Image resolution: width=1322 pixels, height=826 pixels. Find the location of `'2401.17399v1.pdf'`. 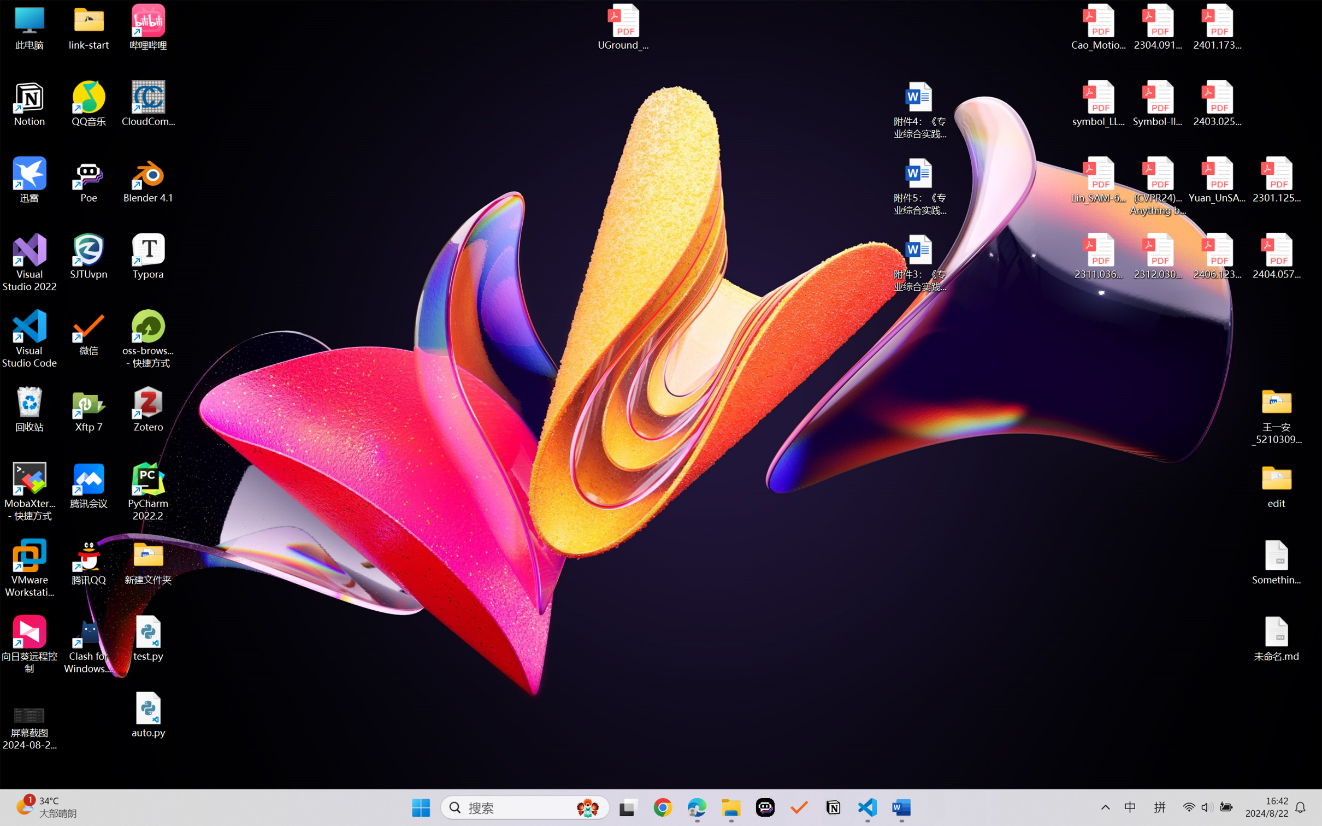

'2401.17399v1.pdf' is located at coordinates (1216, 27).